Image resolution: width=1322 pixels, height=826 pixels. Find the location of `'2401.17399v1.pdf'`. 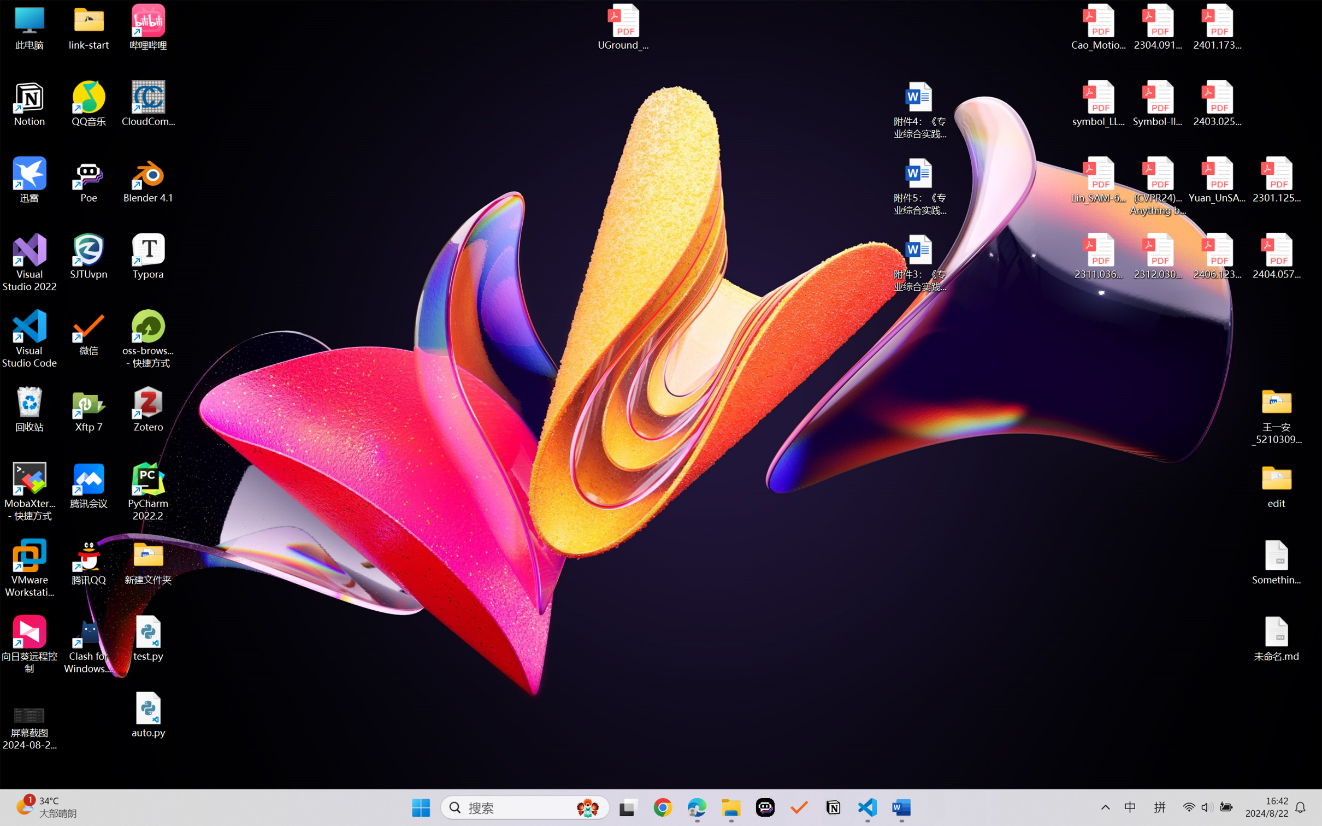

'2401.17399v1.pdf' is located at coordinates (1216, 27).